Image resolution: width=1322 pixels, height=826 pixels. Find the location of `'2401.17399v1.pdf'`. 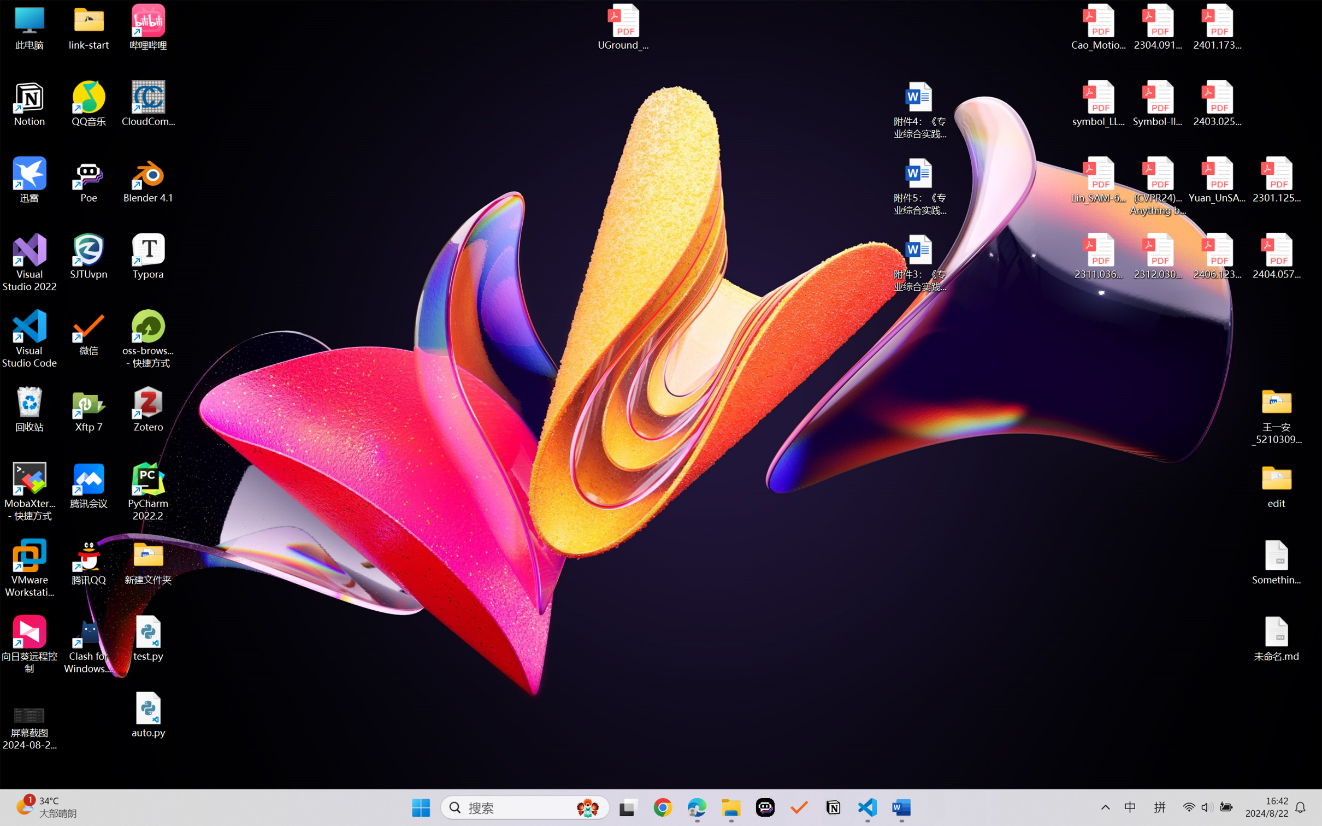

'2401.17399v1.pdf' is located at coordinates (1216, 27).